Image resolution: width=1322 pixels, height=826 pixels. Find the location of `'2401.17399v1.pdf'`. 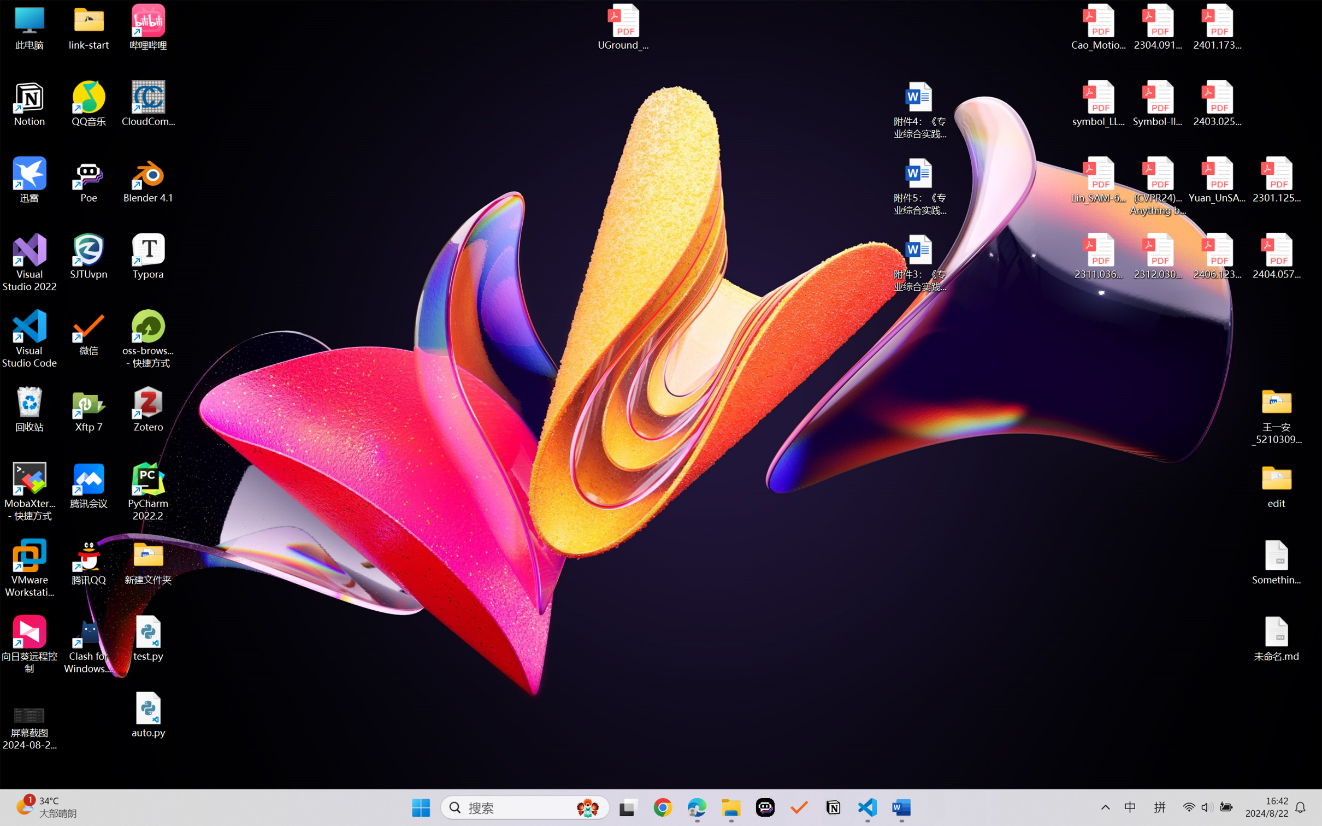

'2401.17399v1.pdf' is located at coordinates (1216, 27).